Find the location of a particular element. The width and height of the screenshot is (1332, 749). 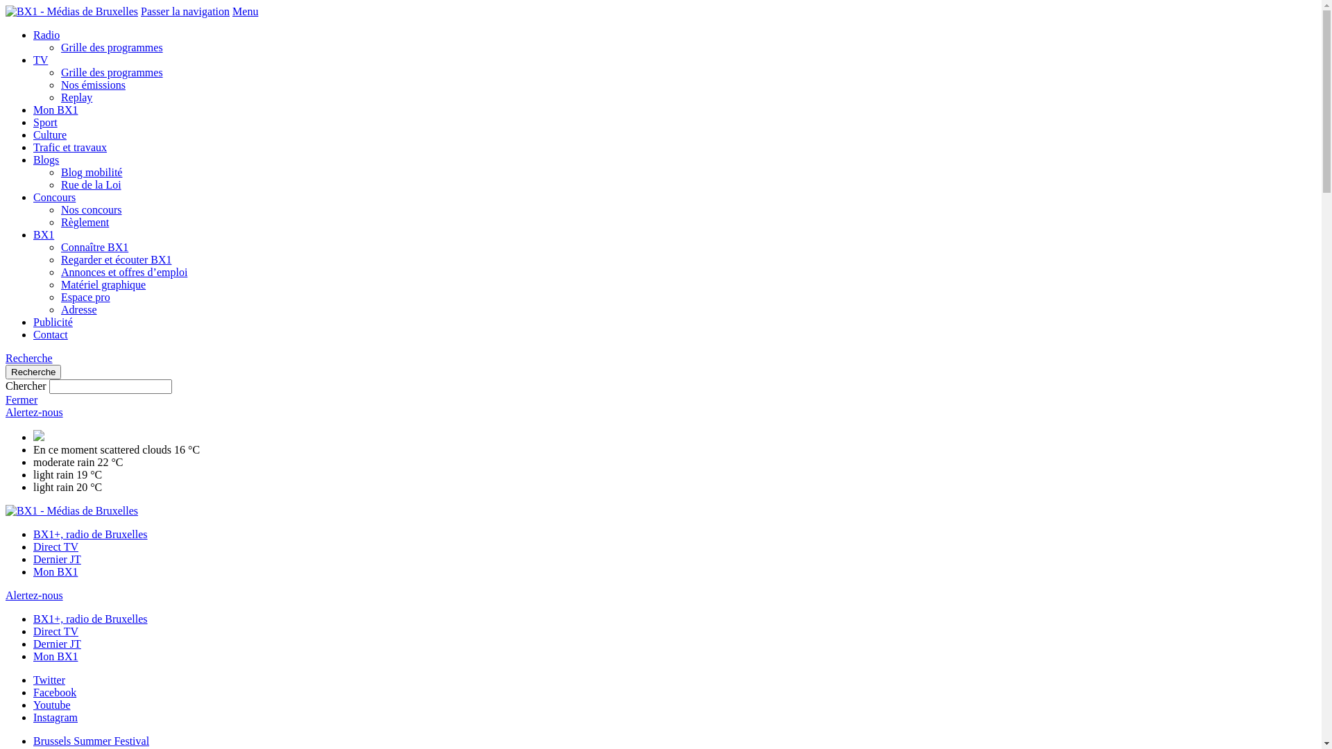

'Concours' is located at coordinates (54, 197).